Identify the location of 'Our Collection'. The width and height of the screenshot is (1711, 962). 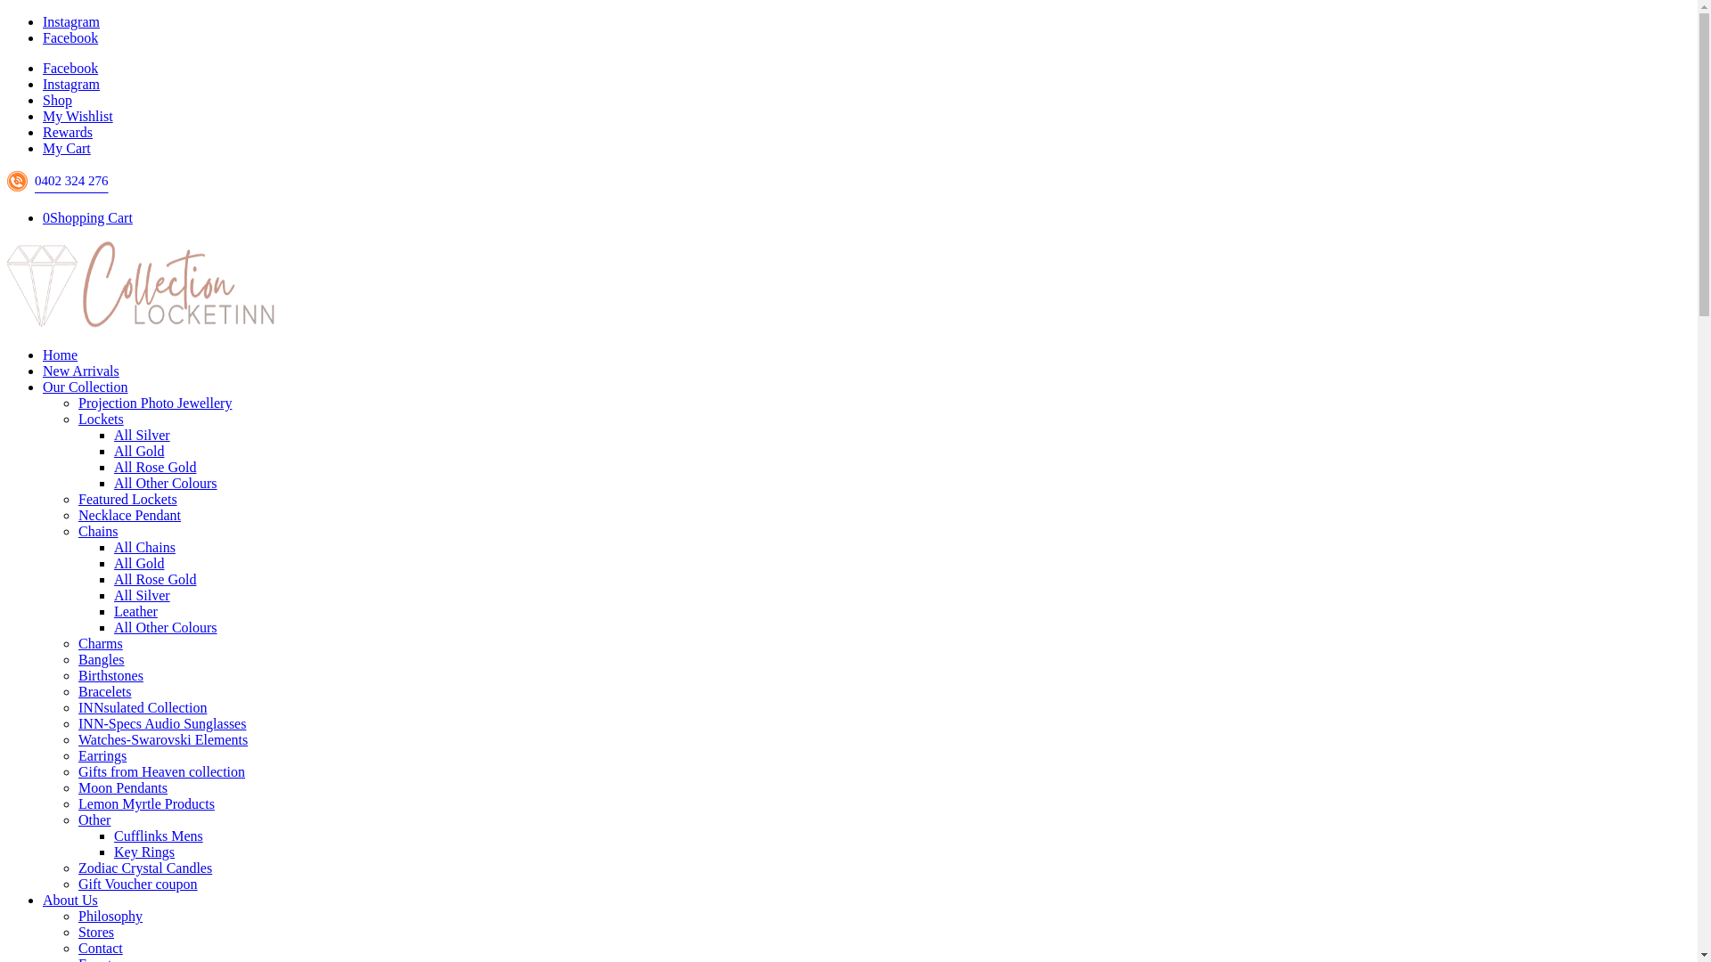
(85, 386).